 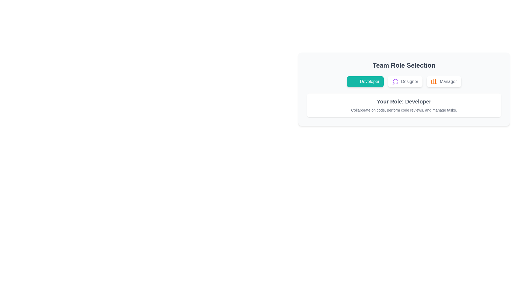 What do you see at coordinates (404, 102) in the screenshot?
I see `the text label that displays the user's current role as 'Developer', located in the white rounded panel below the 'Team Role Selection' heading` at bounding box center [404, 102].